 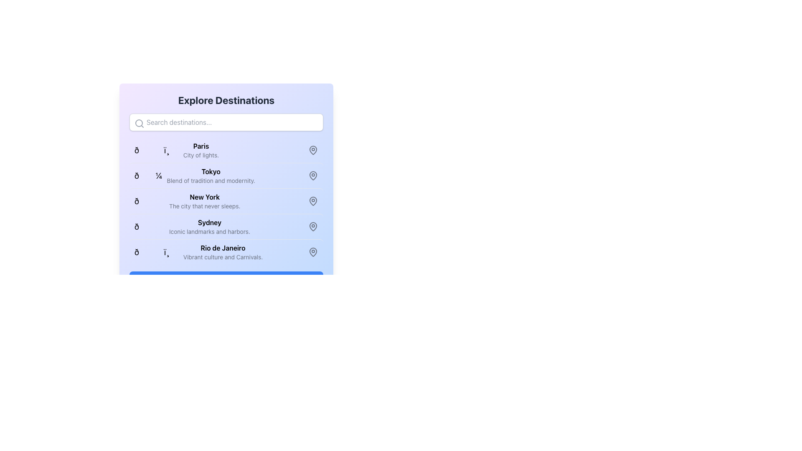 I want to click on the geographic significance icon located at the rightmost side of the row associated with the 'Paris' entry in the destinations list, so click(x=312, y=149).